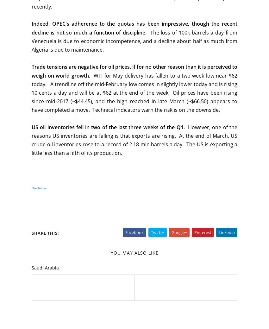  What do you see at coordinates (134, 139) in the screenshot?
I see `'However, one of the reasons US inventories are falling is that exports are rising.  At the end of March, US crude oil inventories rose to a record of 2.18 mln barrels a day.  The US is exporting a little less than a fifth of its production.'` at bounding box center [134, 139].